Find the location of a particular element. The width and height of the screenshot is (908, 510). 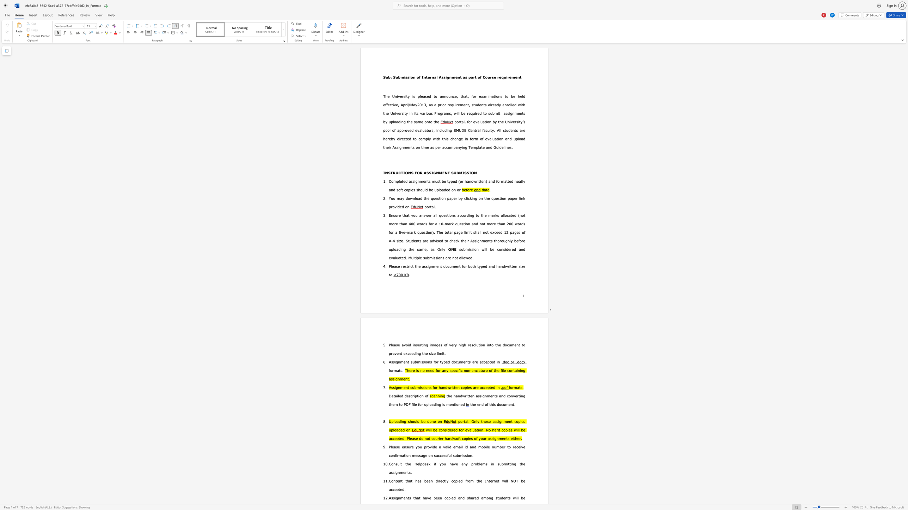

the subset text "nments." within the text "the assignments." is located at coordinates (397, 472).